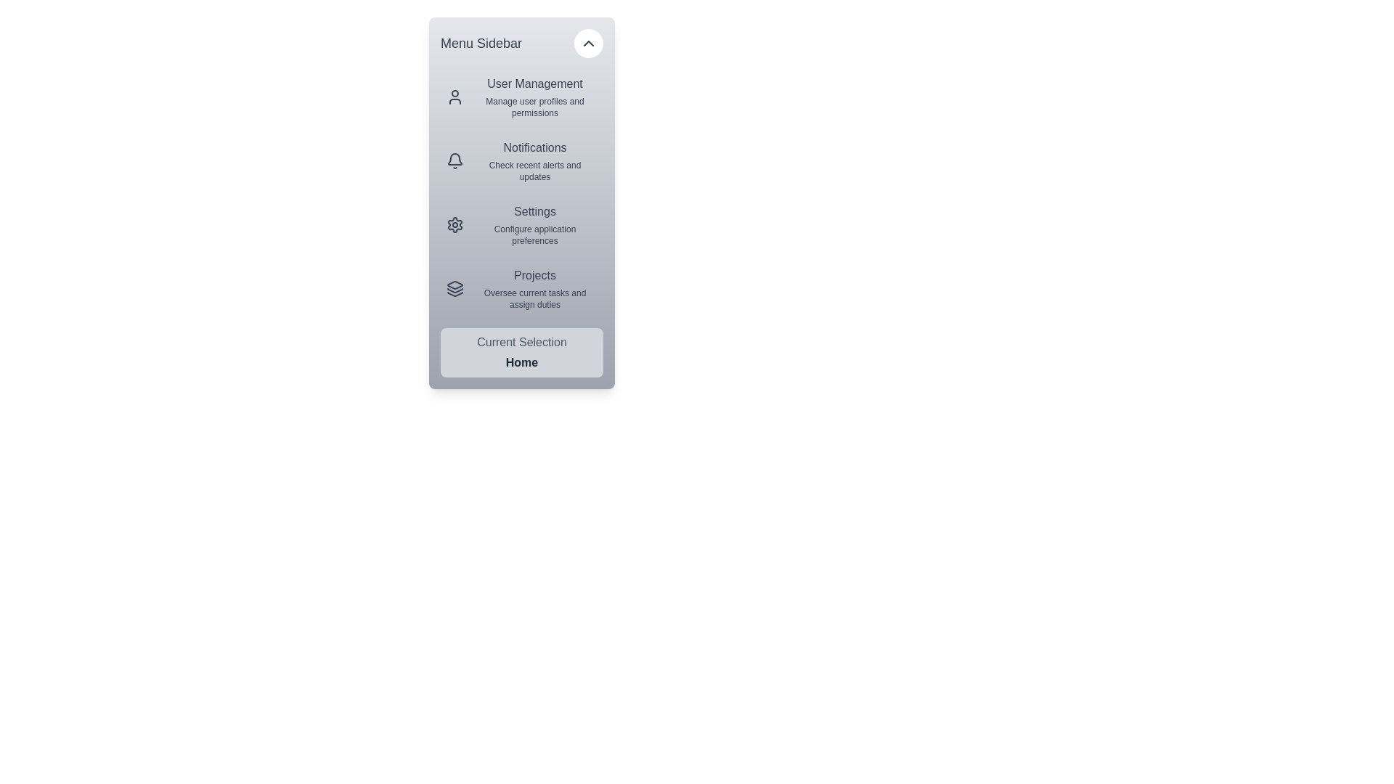 Image resolution: width=1394 pixels, height=784 pixels. I want to click on the 'Projects' text label, so click(534, 276).